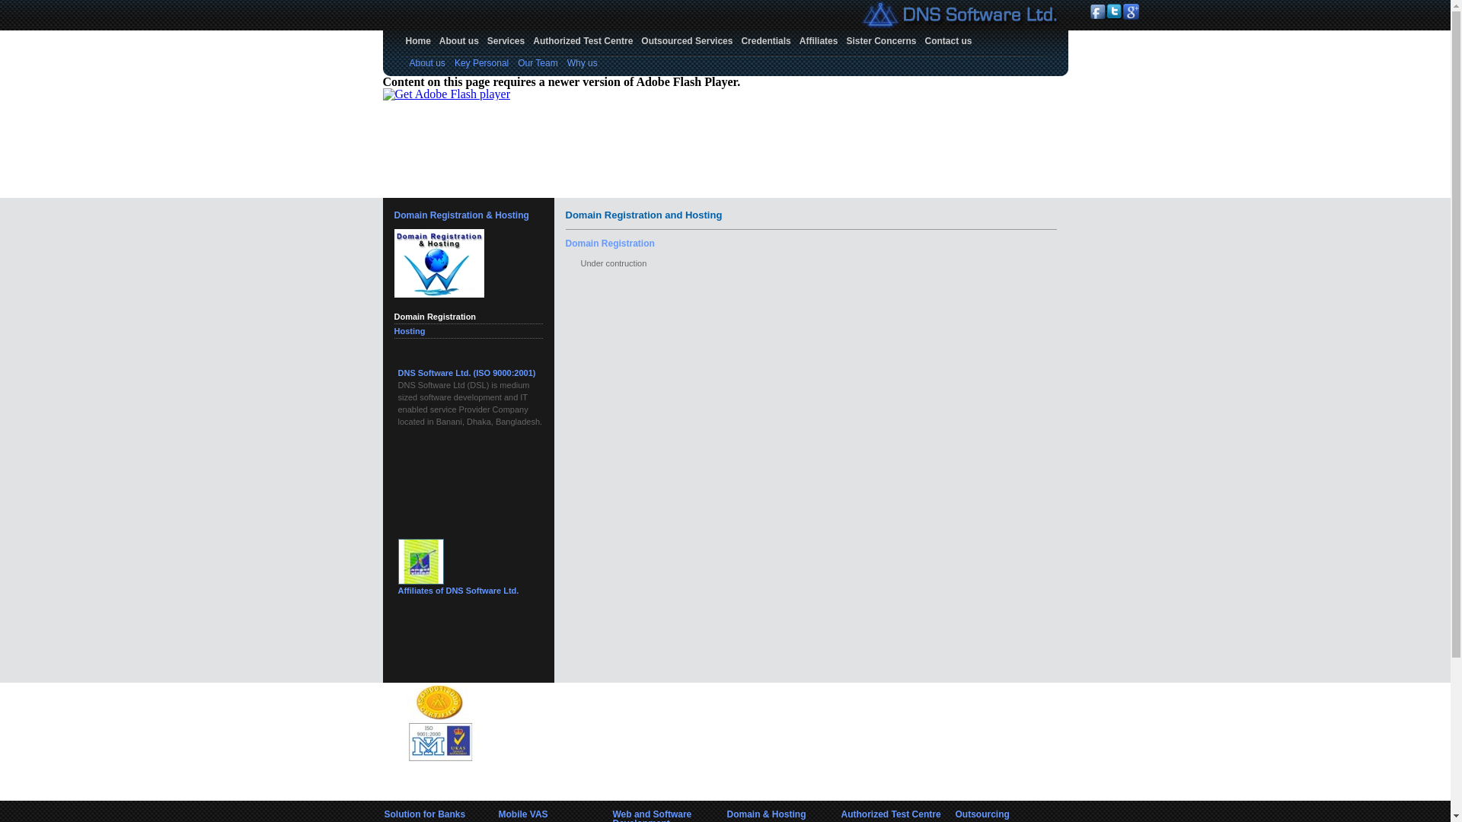 This screenshot has height=822, width=1462. What do you see at coordinates (482, 40) in the screenshot?
I see `'Services'` at bounding box center [482, 40].